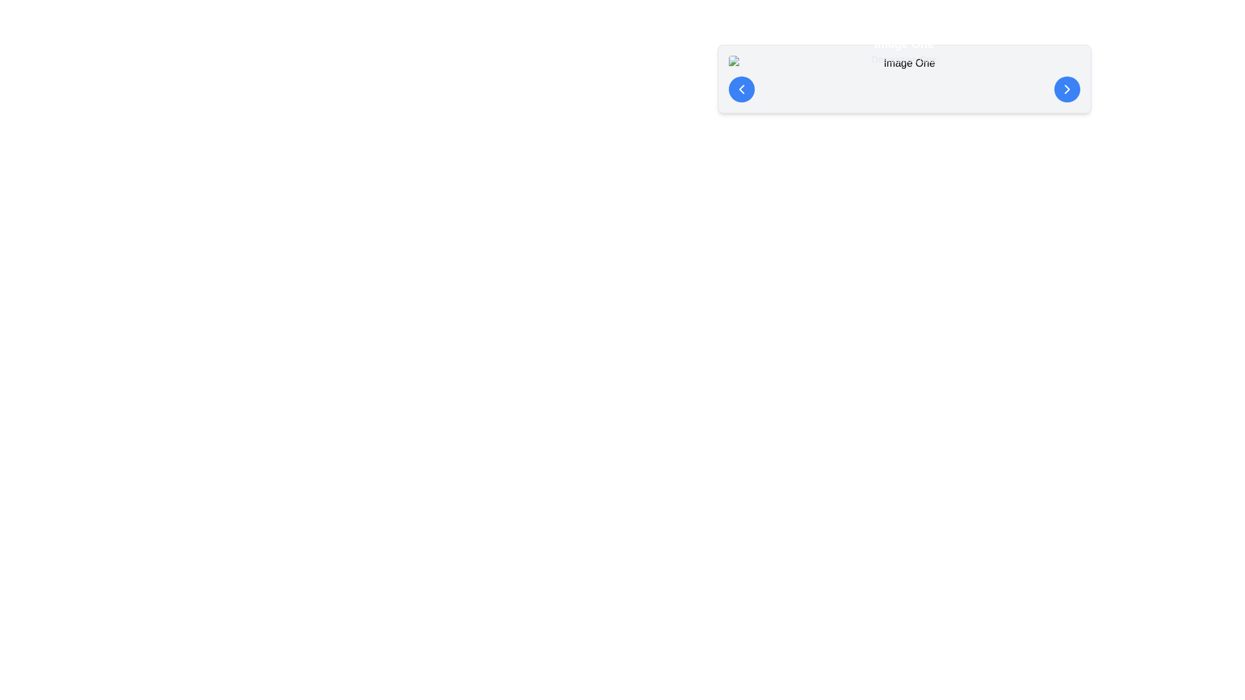  What do you see at coordinates (1067, 89) in the screenshot?
I see `the small right-pointing chevron icon located centrally within a blue, circular button on the far right of a horizontal card` at bounding box center [1067, 89].